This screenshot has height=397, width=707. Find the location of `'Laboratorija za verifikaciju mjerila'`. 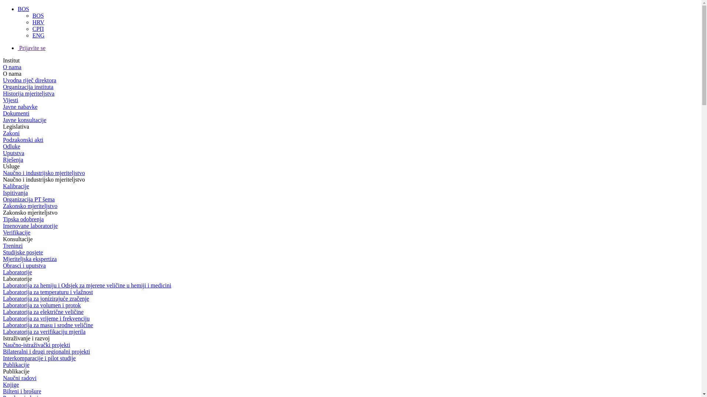

'Laboratorija za verifikaciju mjerila' is located at coordinates (44, 332).